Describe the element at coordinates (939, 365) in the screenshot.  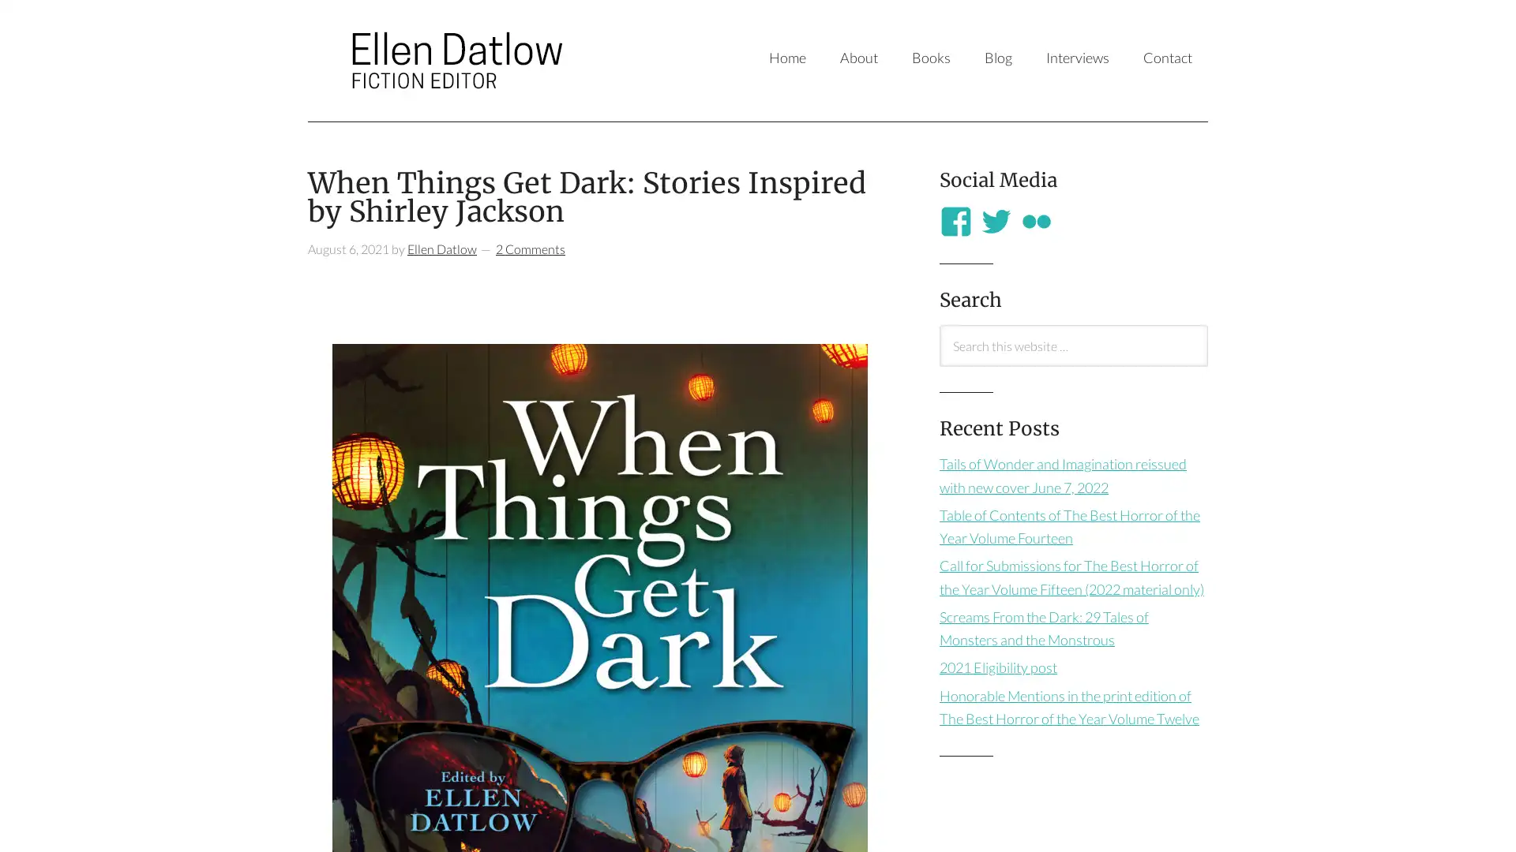
I see `Search` at that location.